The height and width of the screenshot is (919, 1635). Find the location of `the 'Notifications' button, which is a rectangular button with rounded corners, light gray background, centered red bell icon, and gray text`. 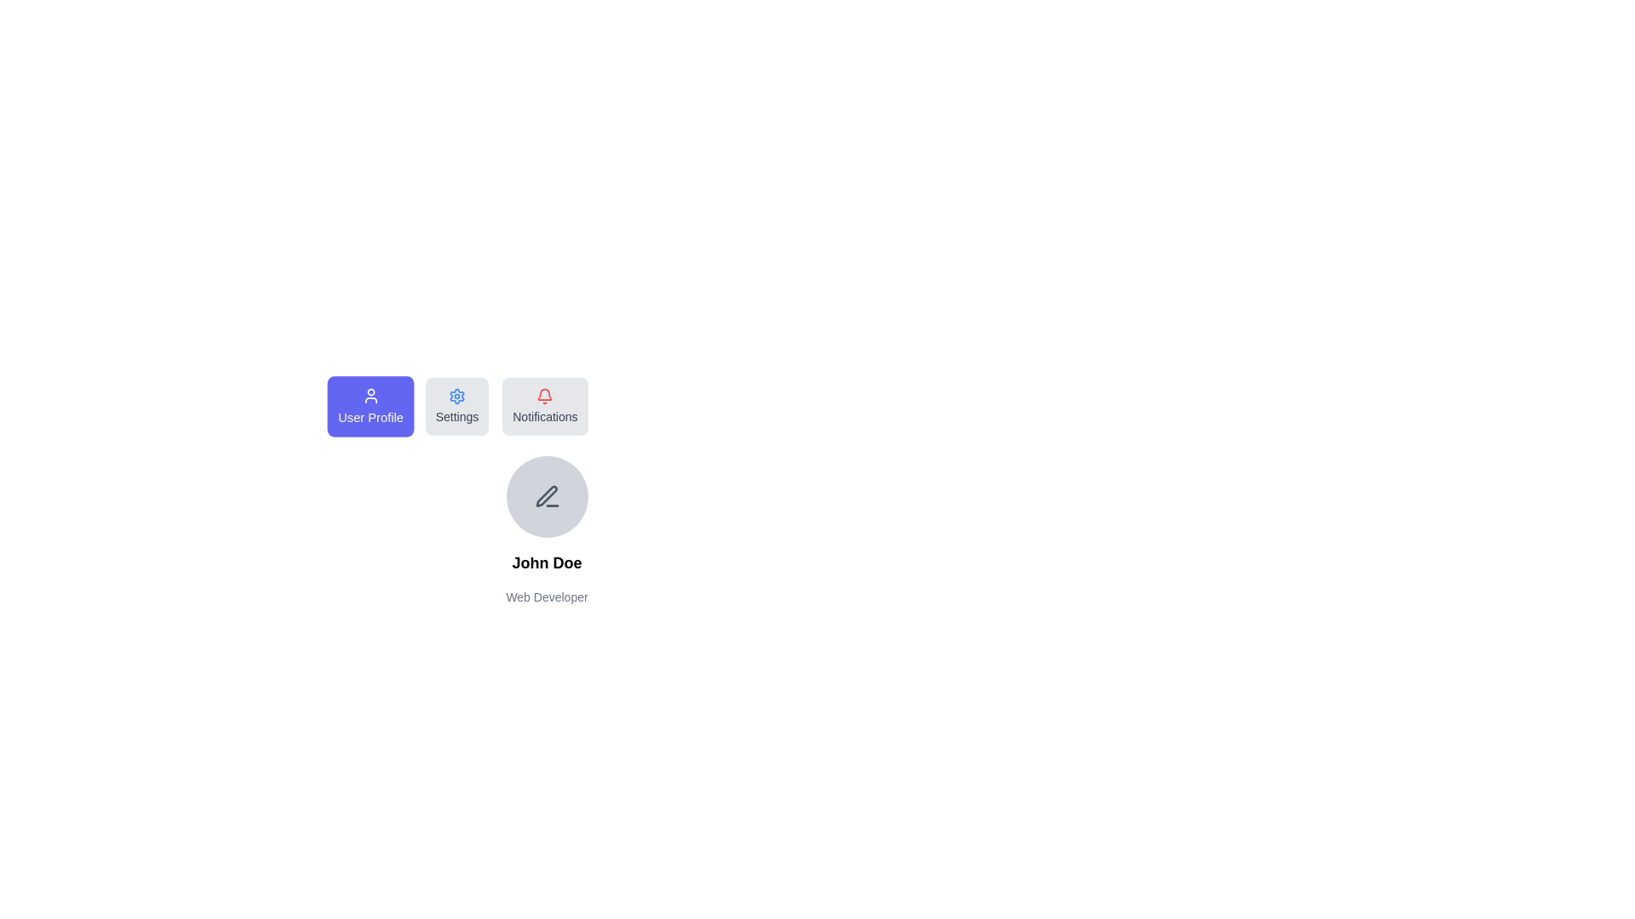

the 'Notifications' button, which is a rectangular button with rounded corners, light gray background, centered red bell icon, and gray text is located at coordinates (545, 407).